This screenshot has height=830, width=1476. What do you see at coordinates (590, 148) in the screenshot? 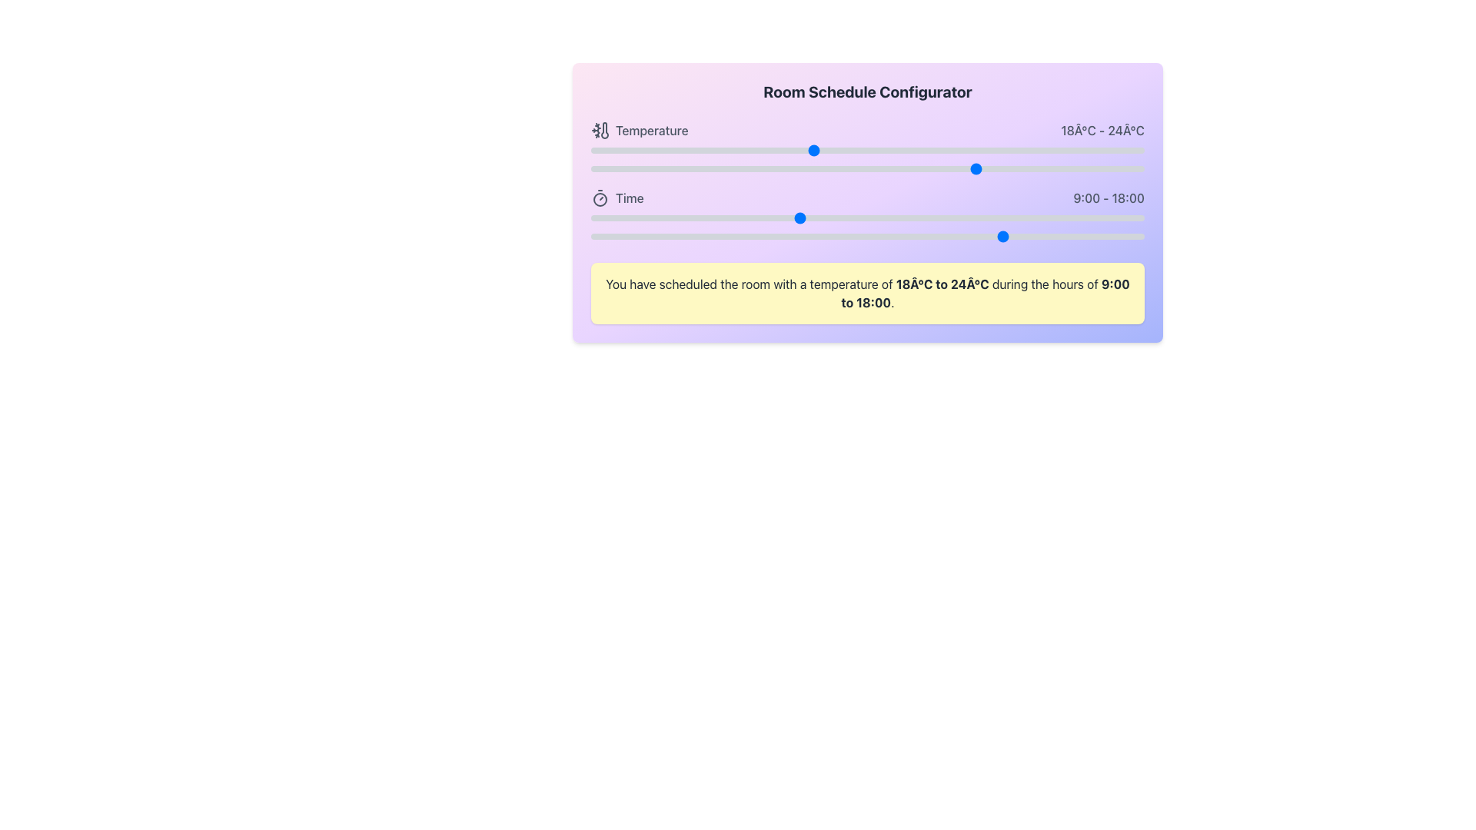
I see `the slider` at bounding box center [590, 148].